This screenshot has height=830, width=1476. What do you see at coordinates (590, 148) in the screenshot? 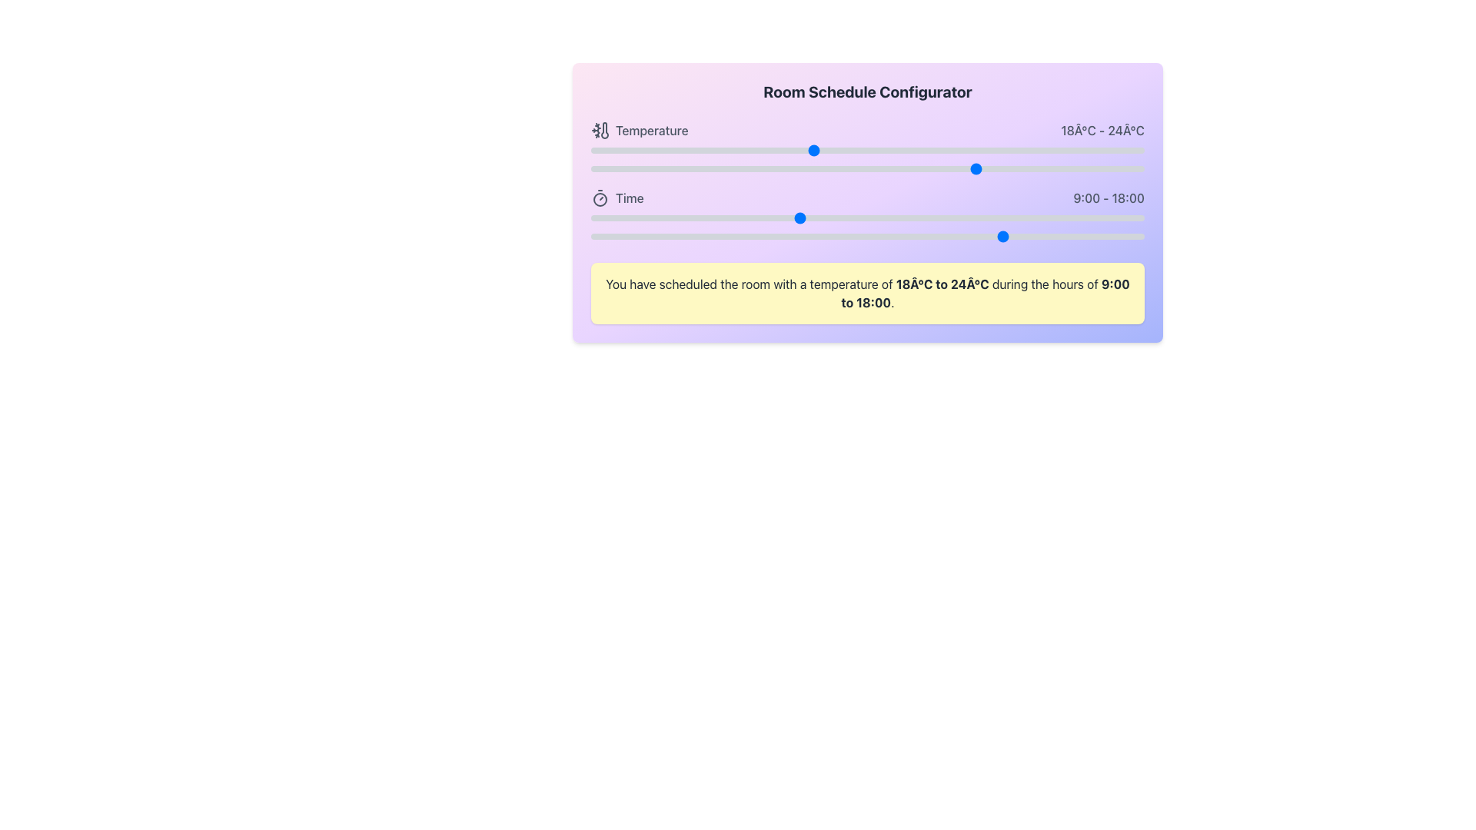
I see `the slider` at bounding box center [590, 148].